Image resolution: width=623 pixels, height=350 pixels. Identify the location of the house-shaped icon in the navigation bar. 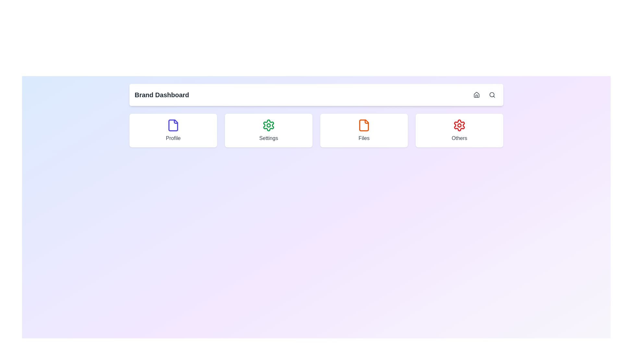
(476, 95).